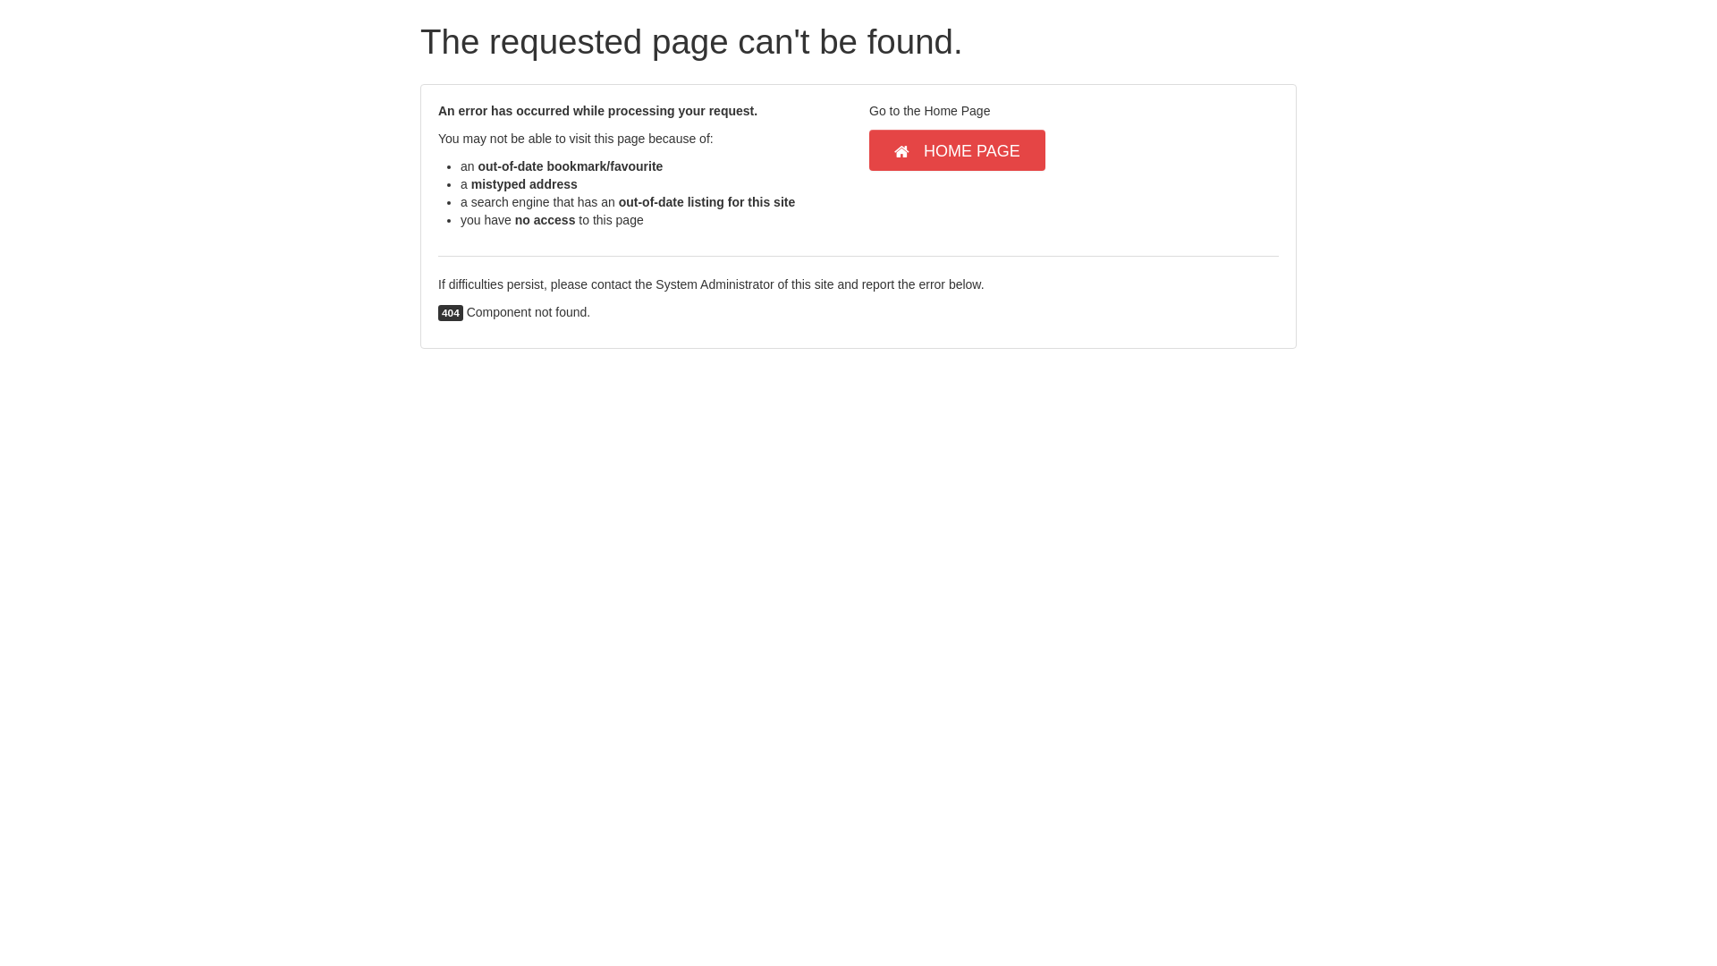 The height and width of the screenshot is (966, 1717). Describe the element at coordinates (956, 149) in the screenshot. I see `'HOME PAGE'` at that location.